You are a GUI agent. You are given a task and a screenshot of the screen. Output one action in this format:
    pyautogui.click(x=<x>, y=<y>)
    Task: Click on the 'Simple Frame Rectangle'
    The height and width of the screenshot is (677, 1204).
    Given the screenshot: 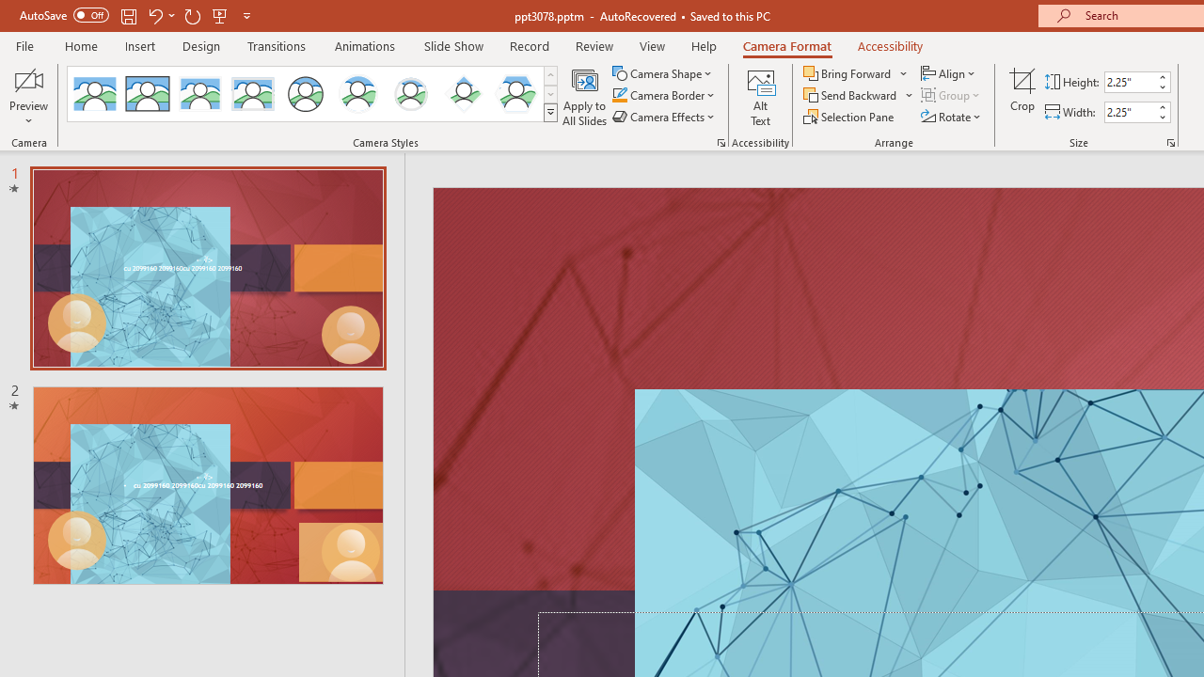 What is the action you would take?
    pyautogui.click(x=147, y=94)
    